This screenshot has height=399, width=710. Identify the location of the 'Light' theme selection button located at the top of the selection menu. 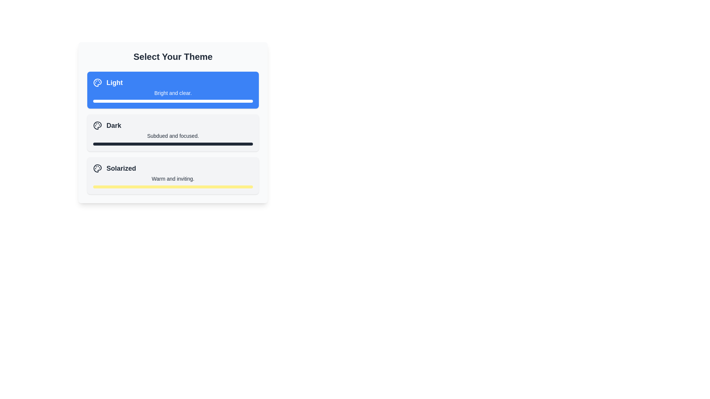
(172, 82).